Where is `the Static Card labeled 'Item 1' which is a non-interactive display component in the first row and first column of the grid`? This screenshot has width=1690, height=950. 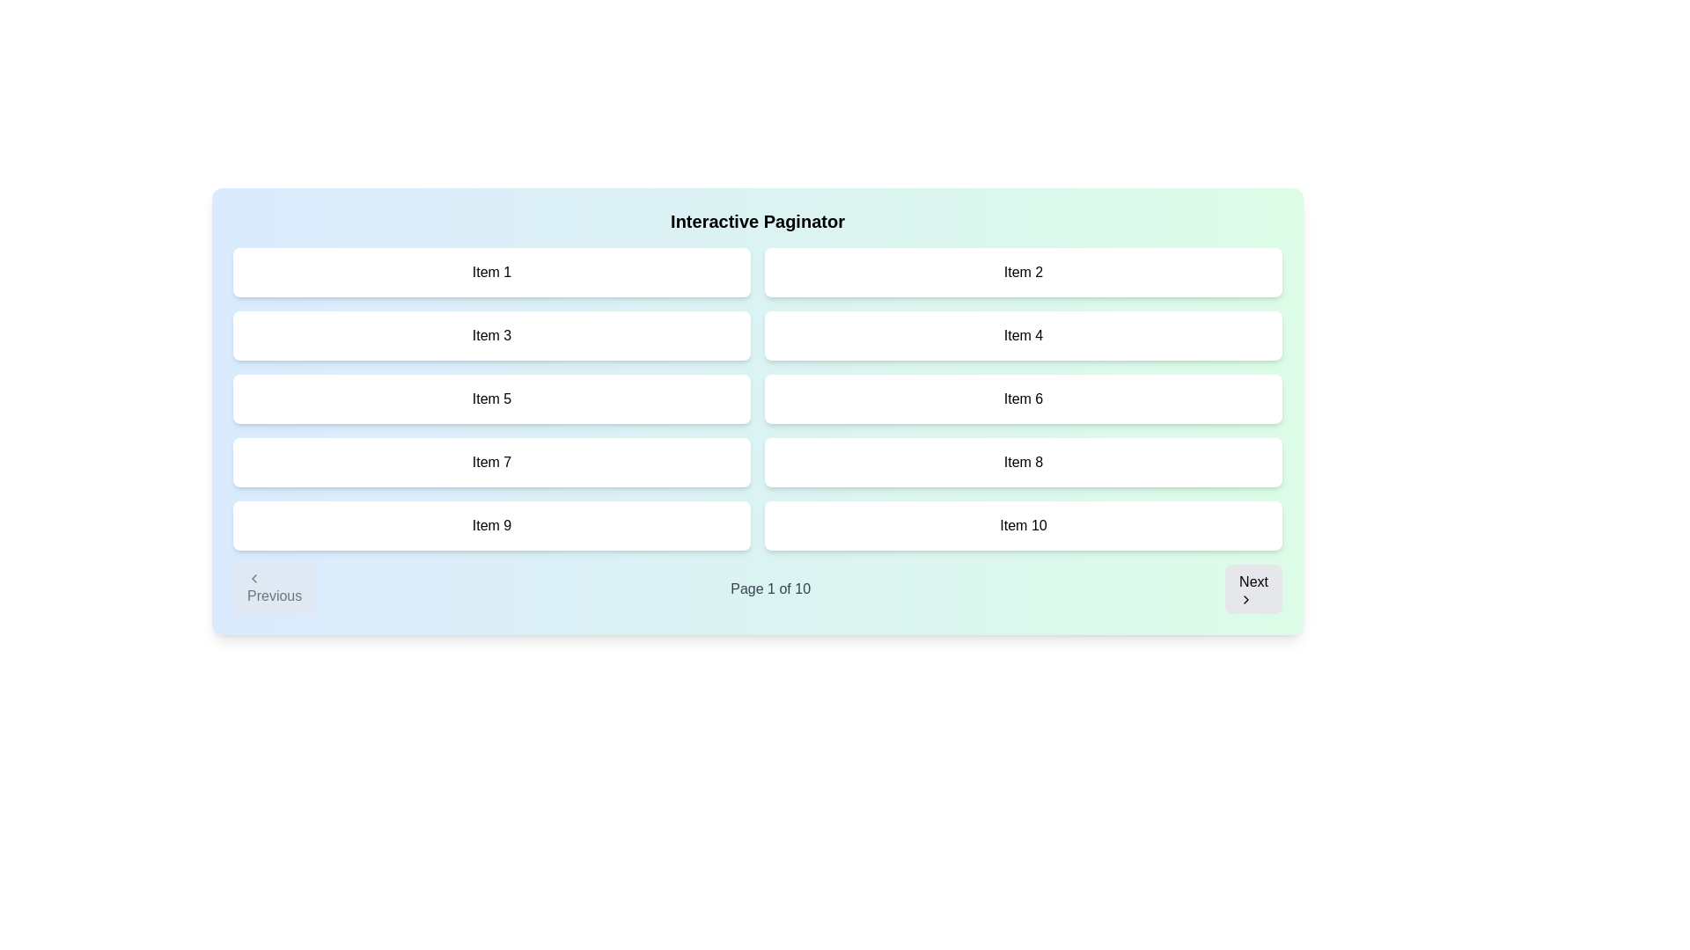
the Static Card labeled 'Item 1' which is a non-interactive display component in the first row and first column of the grid is located at coordinates (491, 272).